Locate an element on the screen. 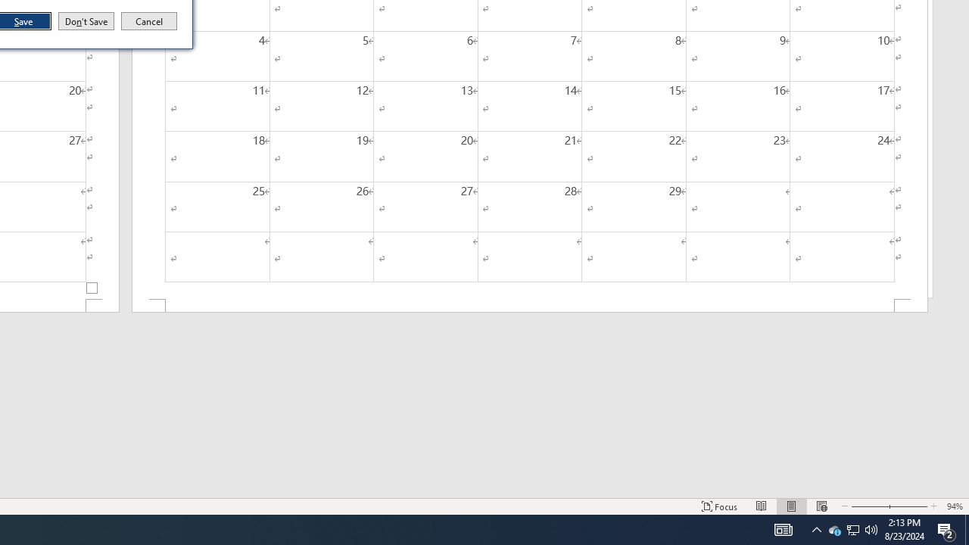 The image size is (969, 545). 'Cancel' is located at coordinates (149, 21).